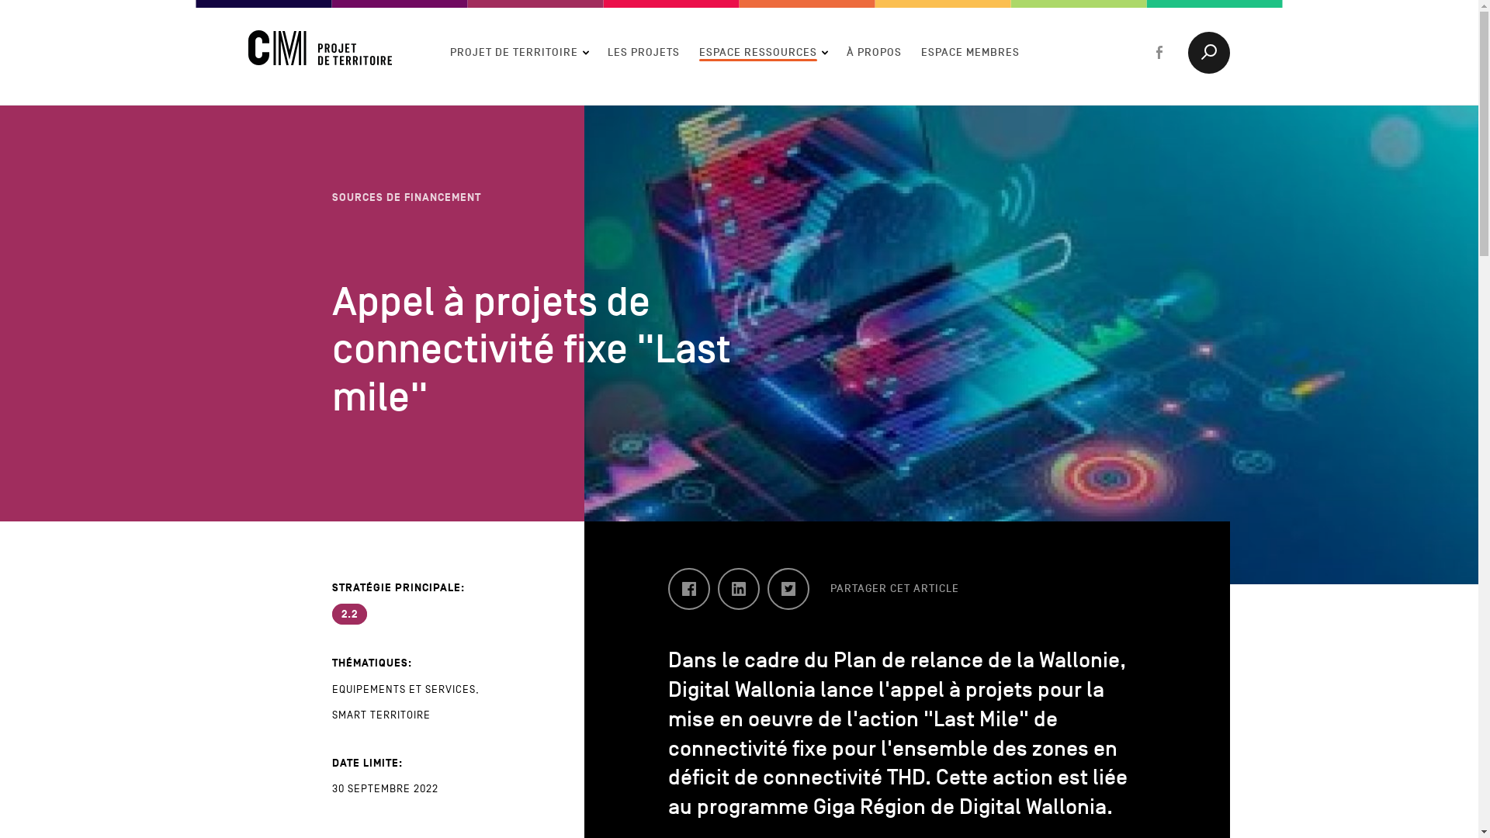 The image size is (1490, 838). Describe the element at coordinates (698, 50) in the screenshot. I see `'ESPACE RESSOURCES'` at that location.